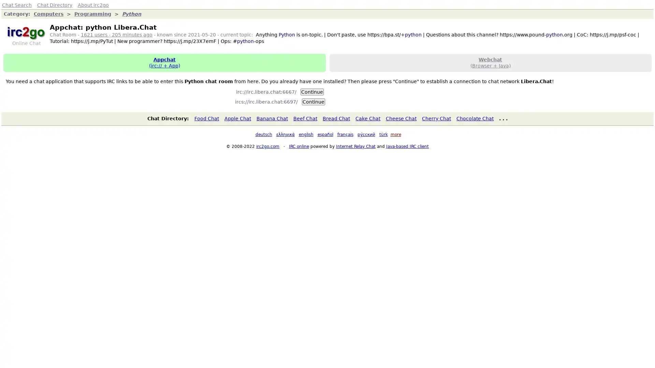 The width and height of the screenshot is (655, 368). What do you see at coordinates (312, 91) in the screenshot?
I see `Continue` at bounding box center [312, 91].